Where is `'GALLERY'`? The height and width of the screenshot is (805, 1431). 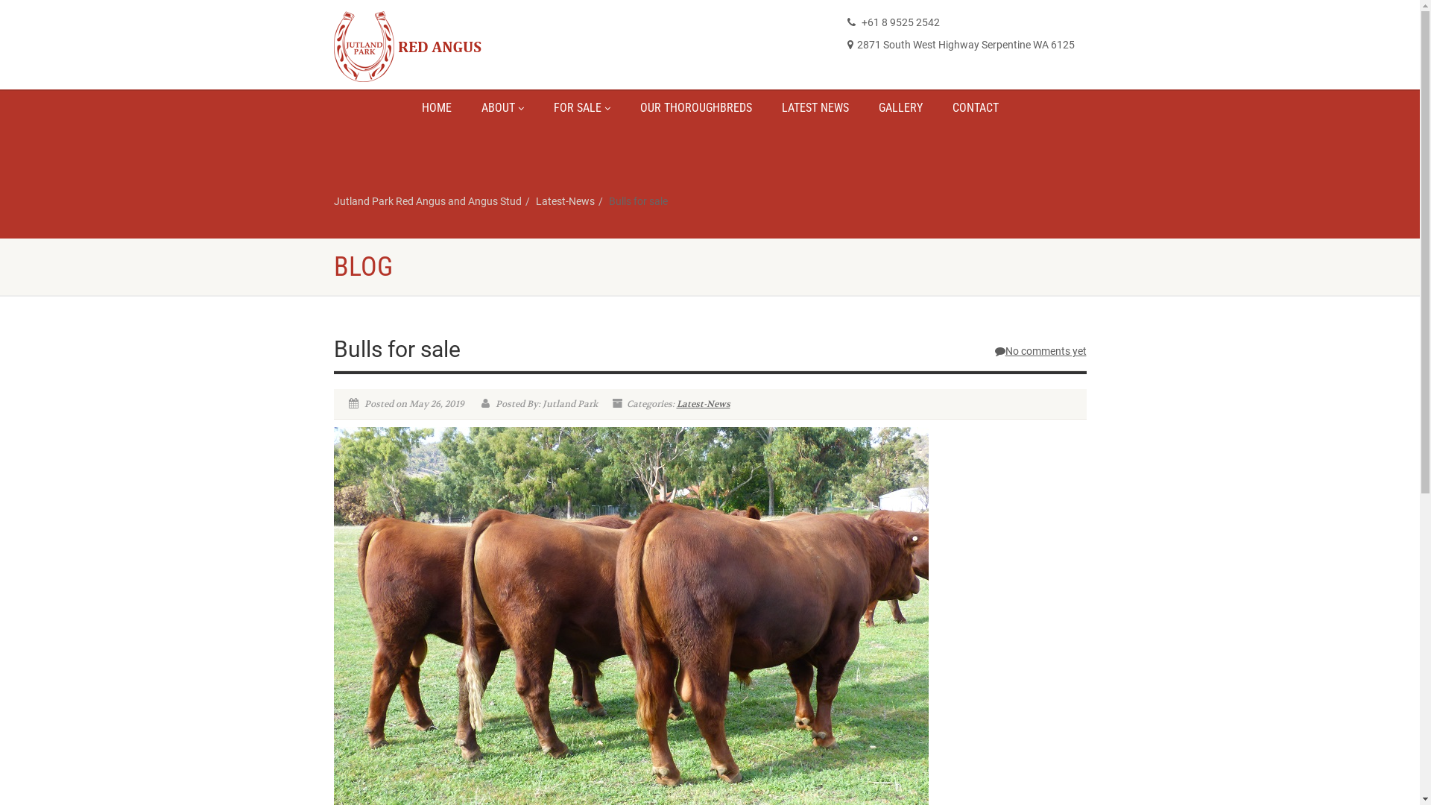
'GALLERY' is located at coordinates (862, 107).